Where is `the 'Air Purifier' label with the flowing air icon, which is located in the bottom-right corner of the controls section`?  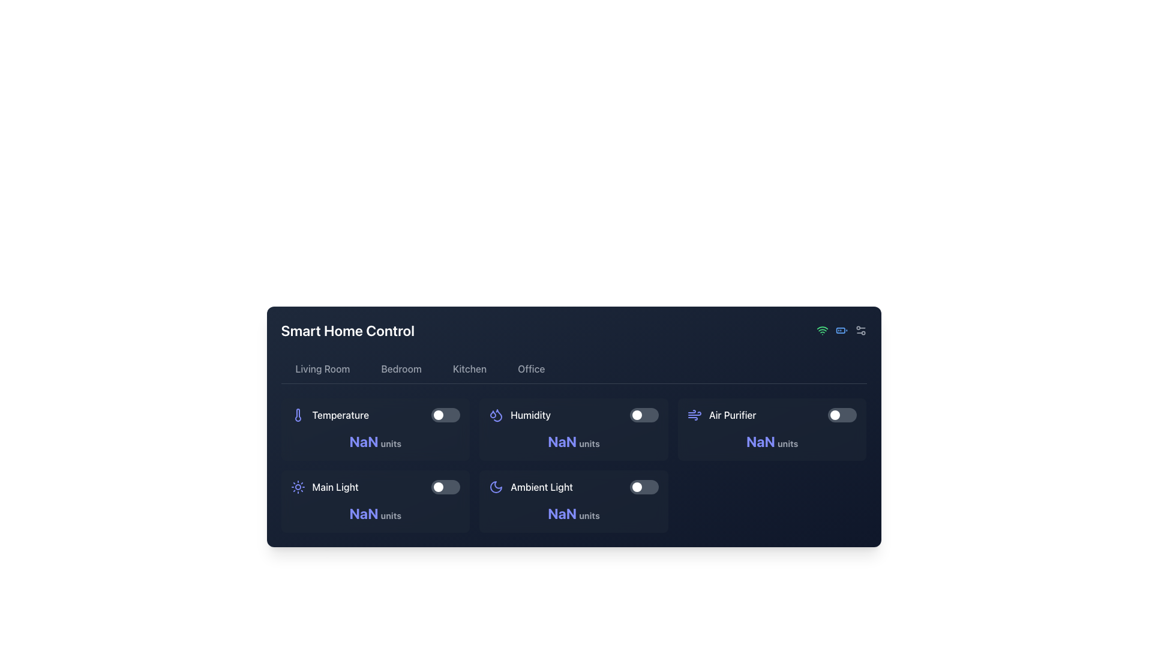
the 'Air Purifier' label with the flowing air icon, which is located in the bottom-right corner of the controls section is located at coordinates (721, 414).